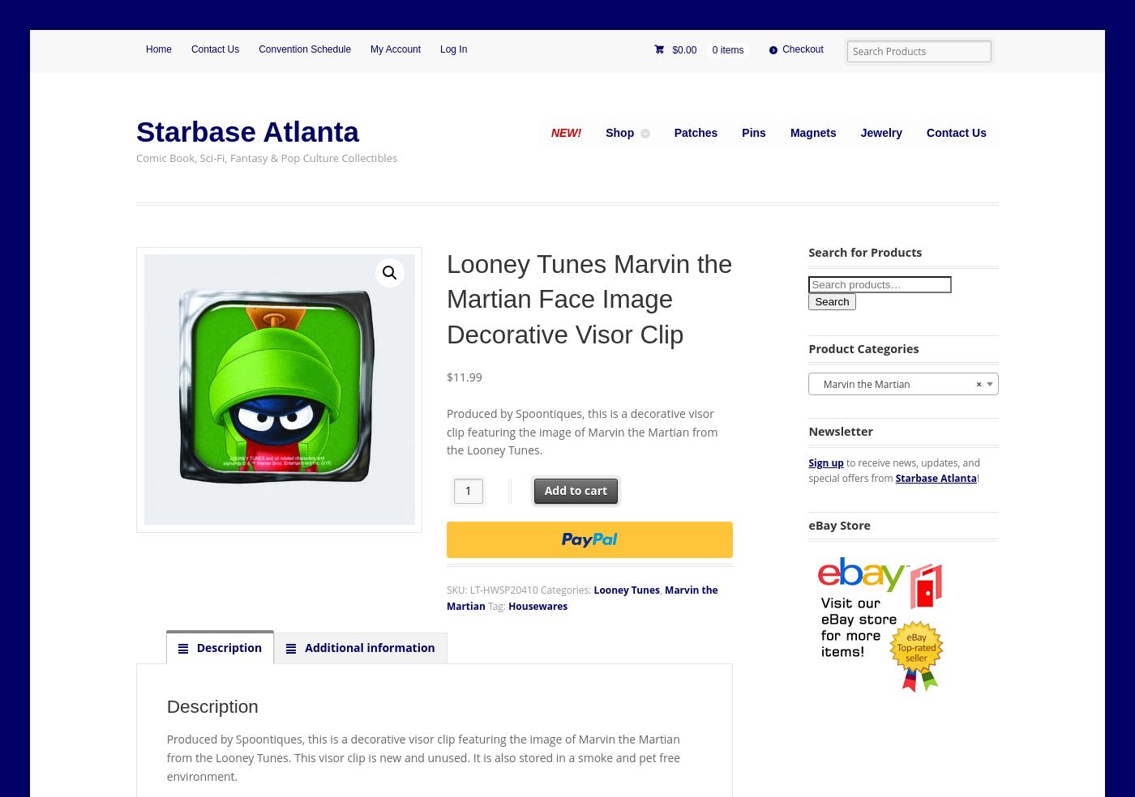 This screenshot has height=797, width=1135. What do you see at coordinates (550, 132) in the screenshot?
I see `'NEW!'` at bounding box center [550, 132].